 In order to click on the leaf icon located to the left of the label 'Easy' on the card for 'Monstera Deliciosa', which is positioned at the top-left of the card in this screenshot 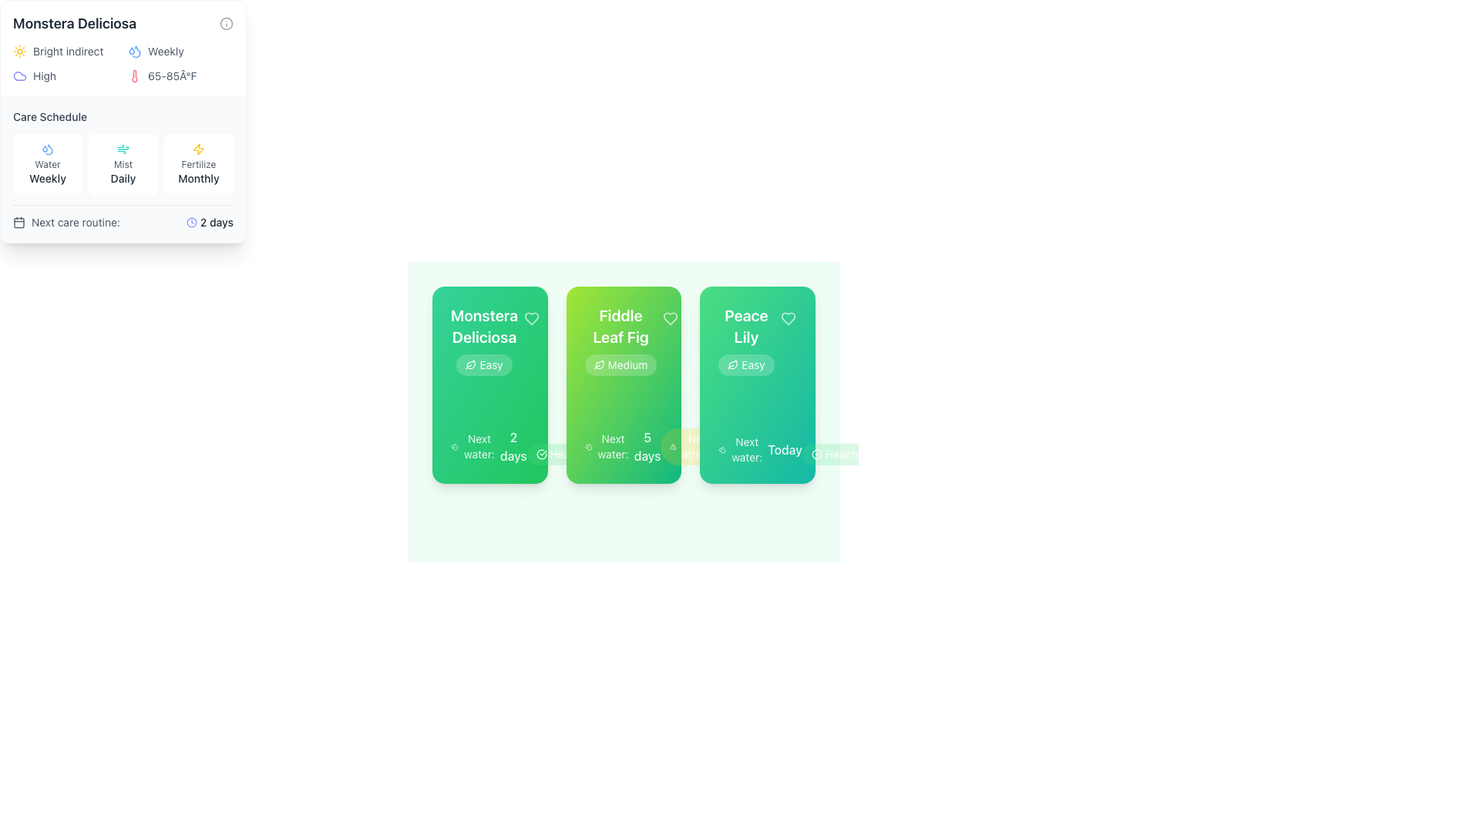, I will do `click(470, 365)`.